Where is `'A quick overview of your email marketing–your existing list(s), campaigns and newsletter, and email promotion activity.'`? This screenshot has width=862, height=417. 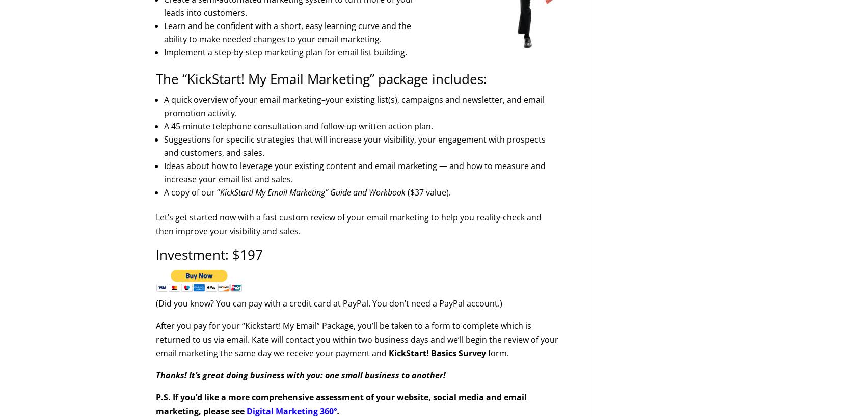 'A quick overview of your email marketing–your existing list(s), campaigns and newsletter, and email promotion activity.' is located at coordinates (354, 106).